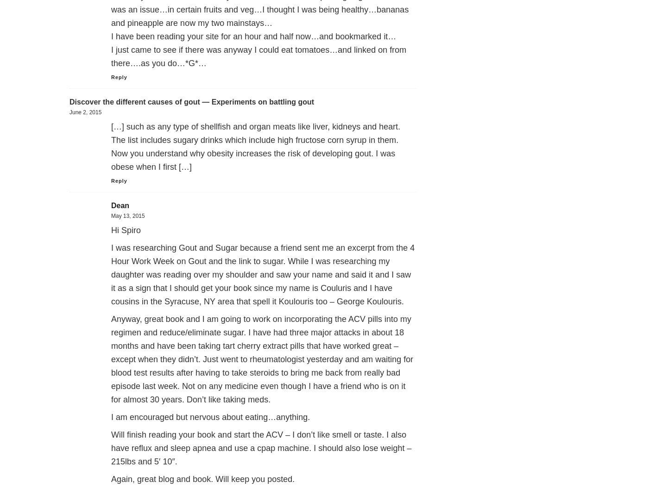 The image size is (667, 488). What do you see at coordinates (191, 101) in the screenshot?
I see `'Discover the different causes of gout — Experiments on battling gout'` at bounding box center [191, 101].